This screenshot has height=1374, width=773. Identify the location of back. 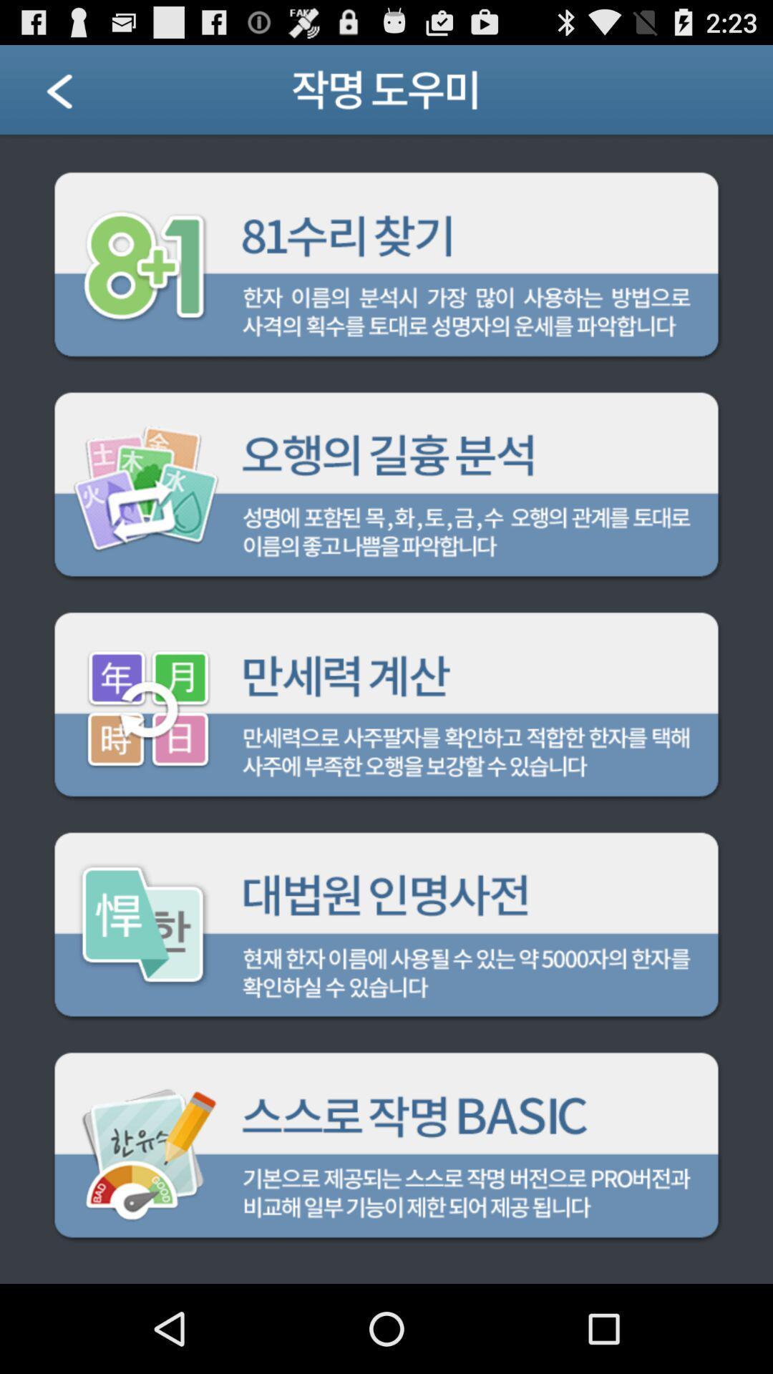
(77, 94).